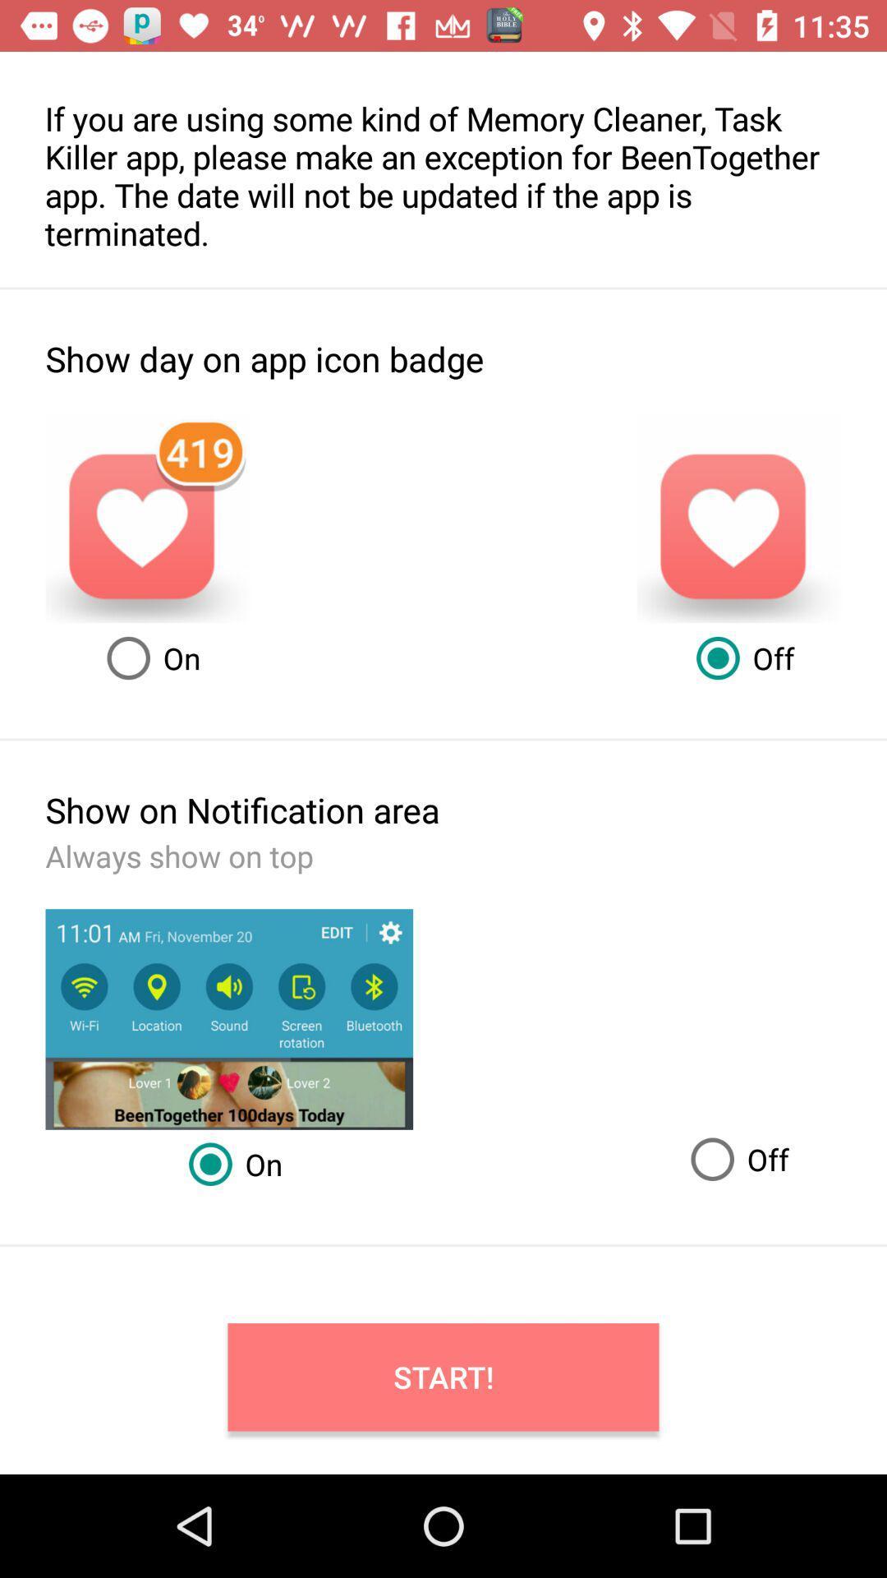 The width and height of the screenshot is (887, 1578). What do you see at coordinates (733, 1159) in the screenshot?
I see `the off radio button` at bounding box center [733, 1159].